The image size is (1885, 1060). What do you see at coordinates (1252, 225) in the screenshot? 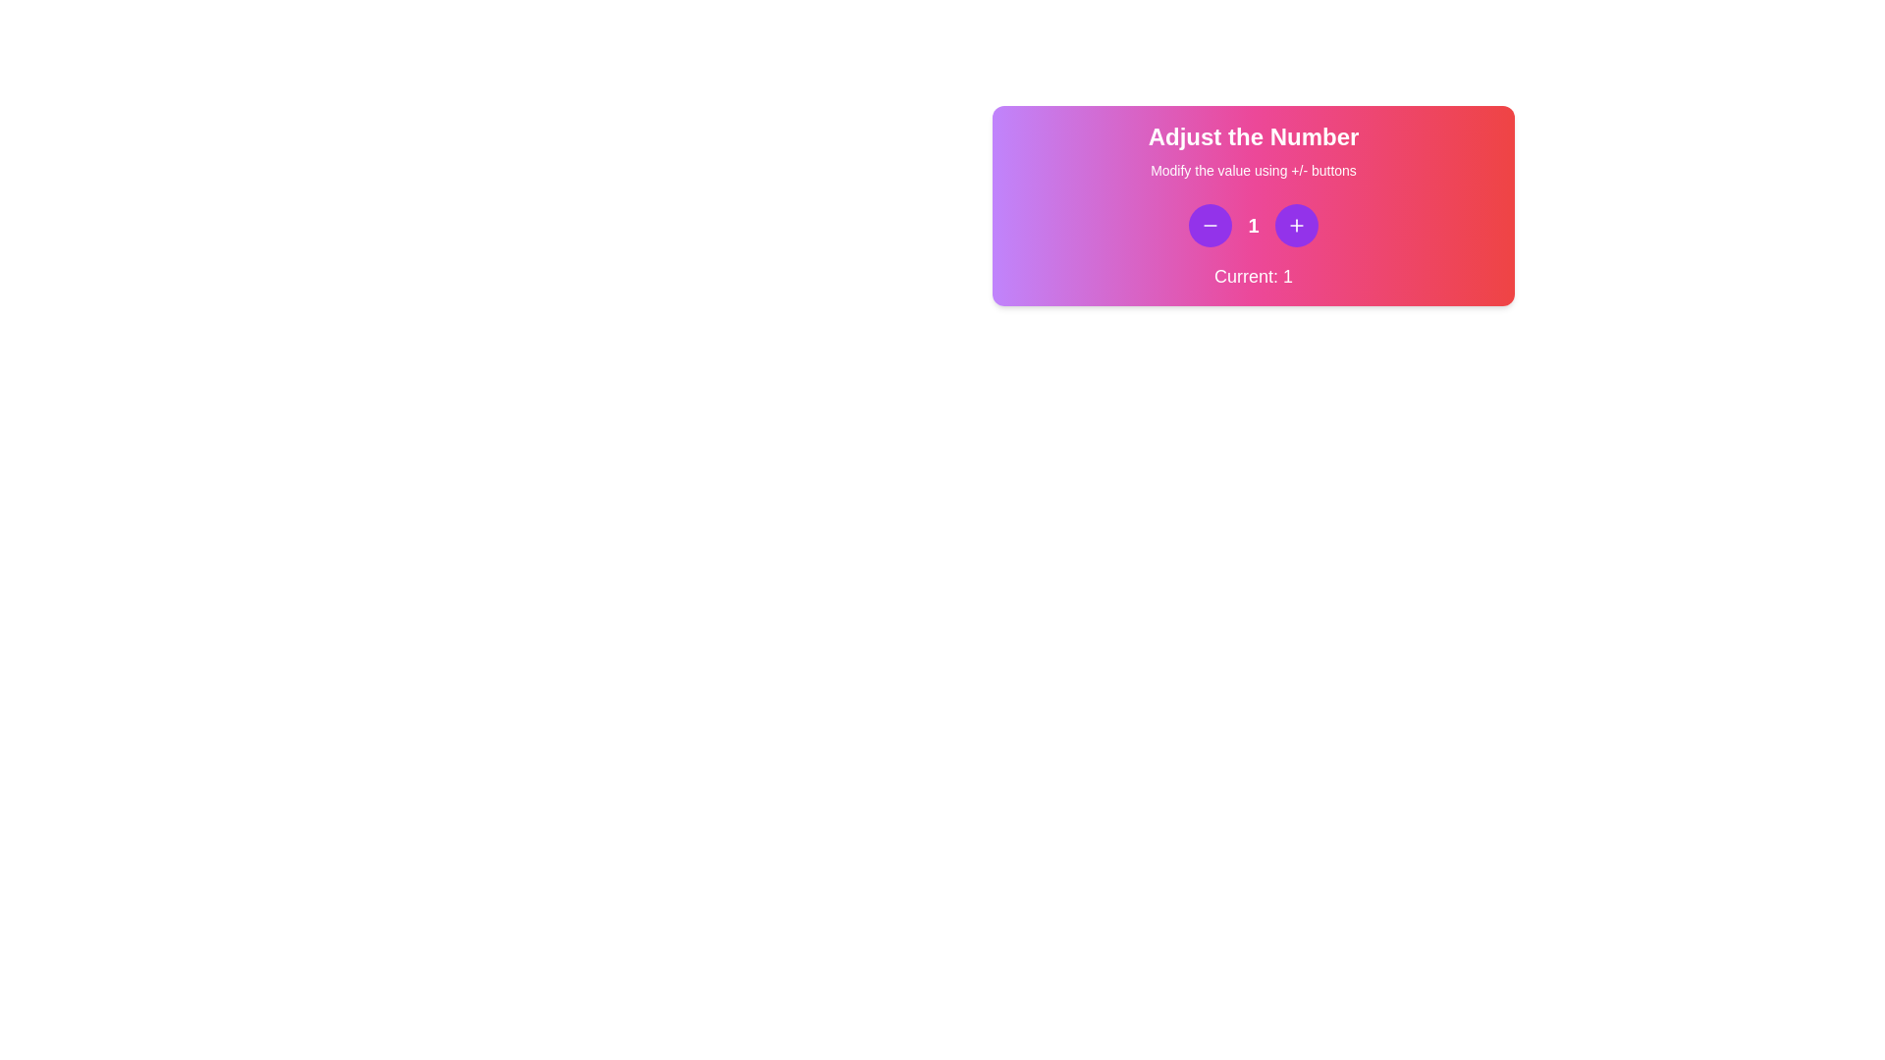
I see `the centrally aligned Text Display element that shows a count or numerical selection, positioned between the minus and plus buttons` at bounding box center [1252, 225].